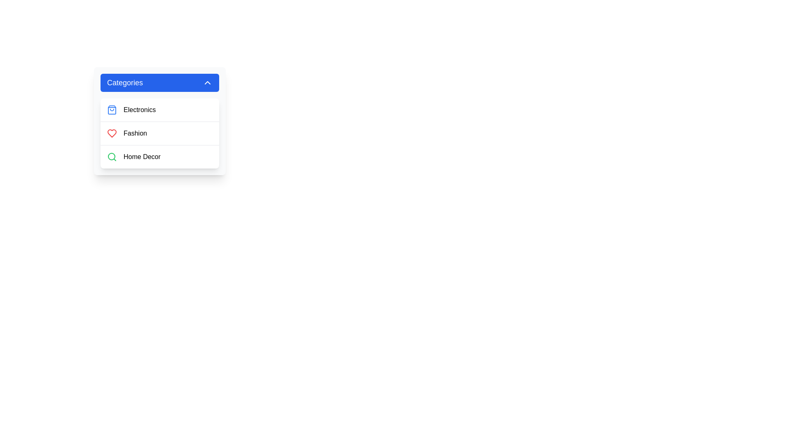 This screenshot has height=445, width=791. What do you see at coordinates (160, 82) in the screenshot?
I see `the 'Categories' interactive button with a vibrant blue background` at bounding box center [160, 82].